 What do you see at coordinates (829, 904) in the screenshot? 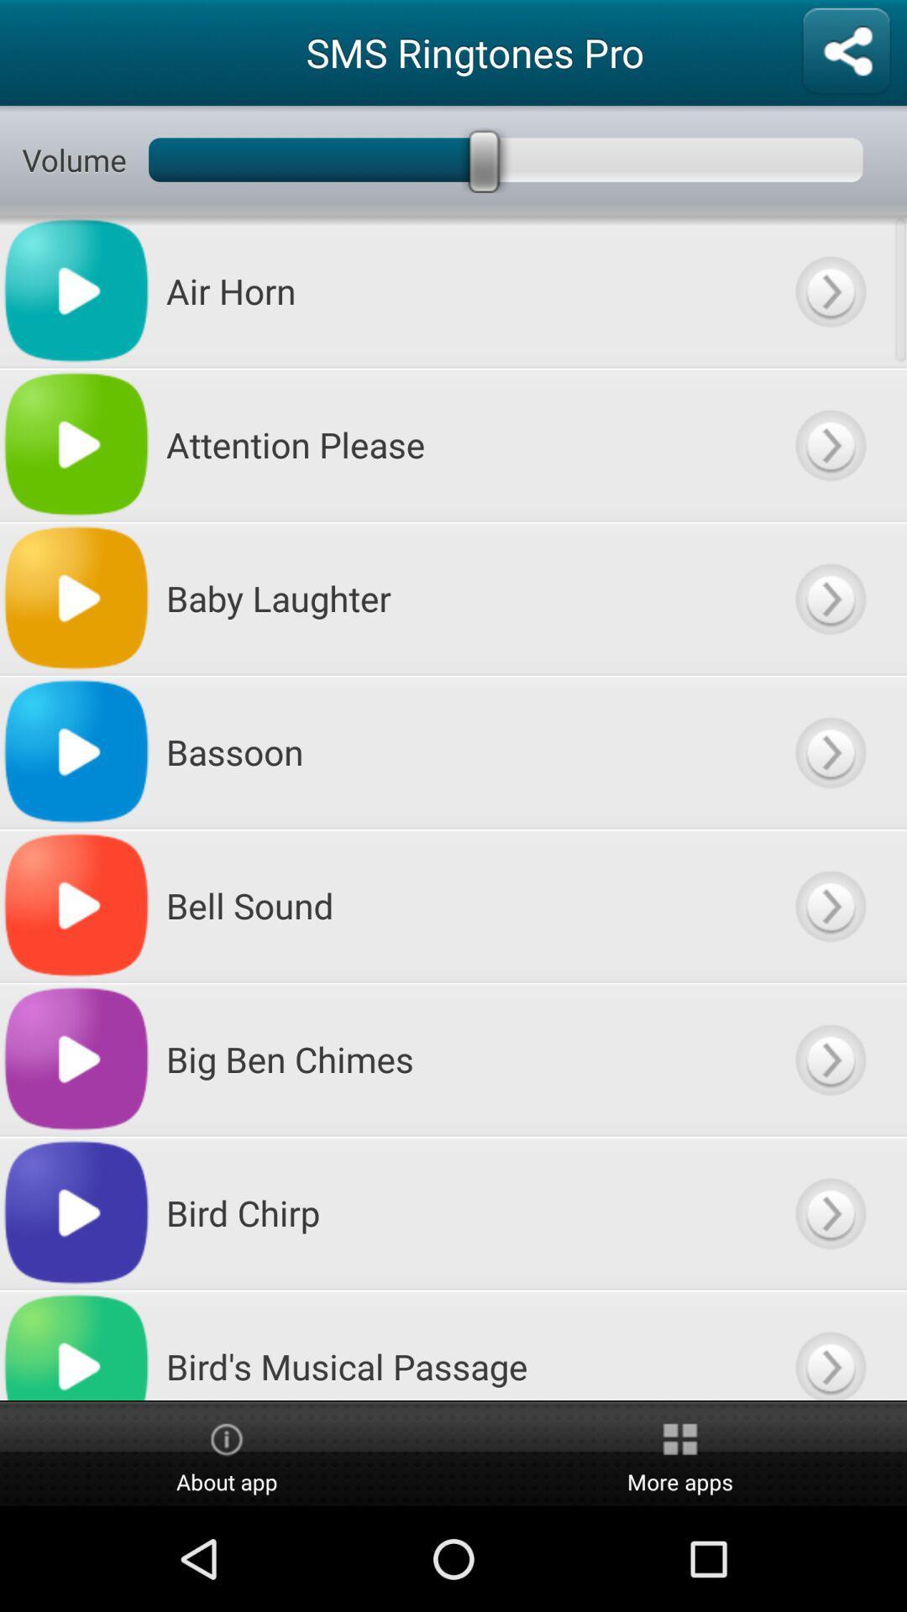
I see `ptturn` at bounding box center [829, 904].